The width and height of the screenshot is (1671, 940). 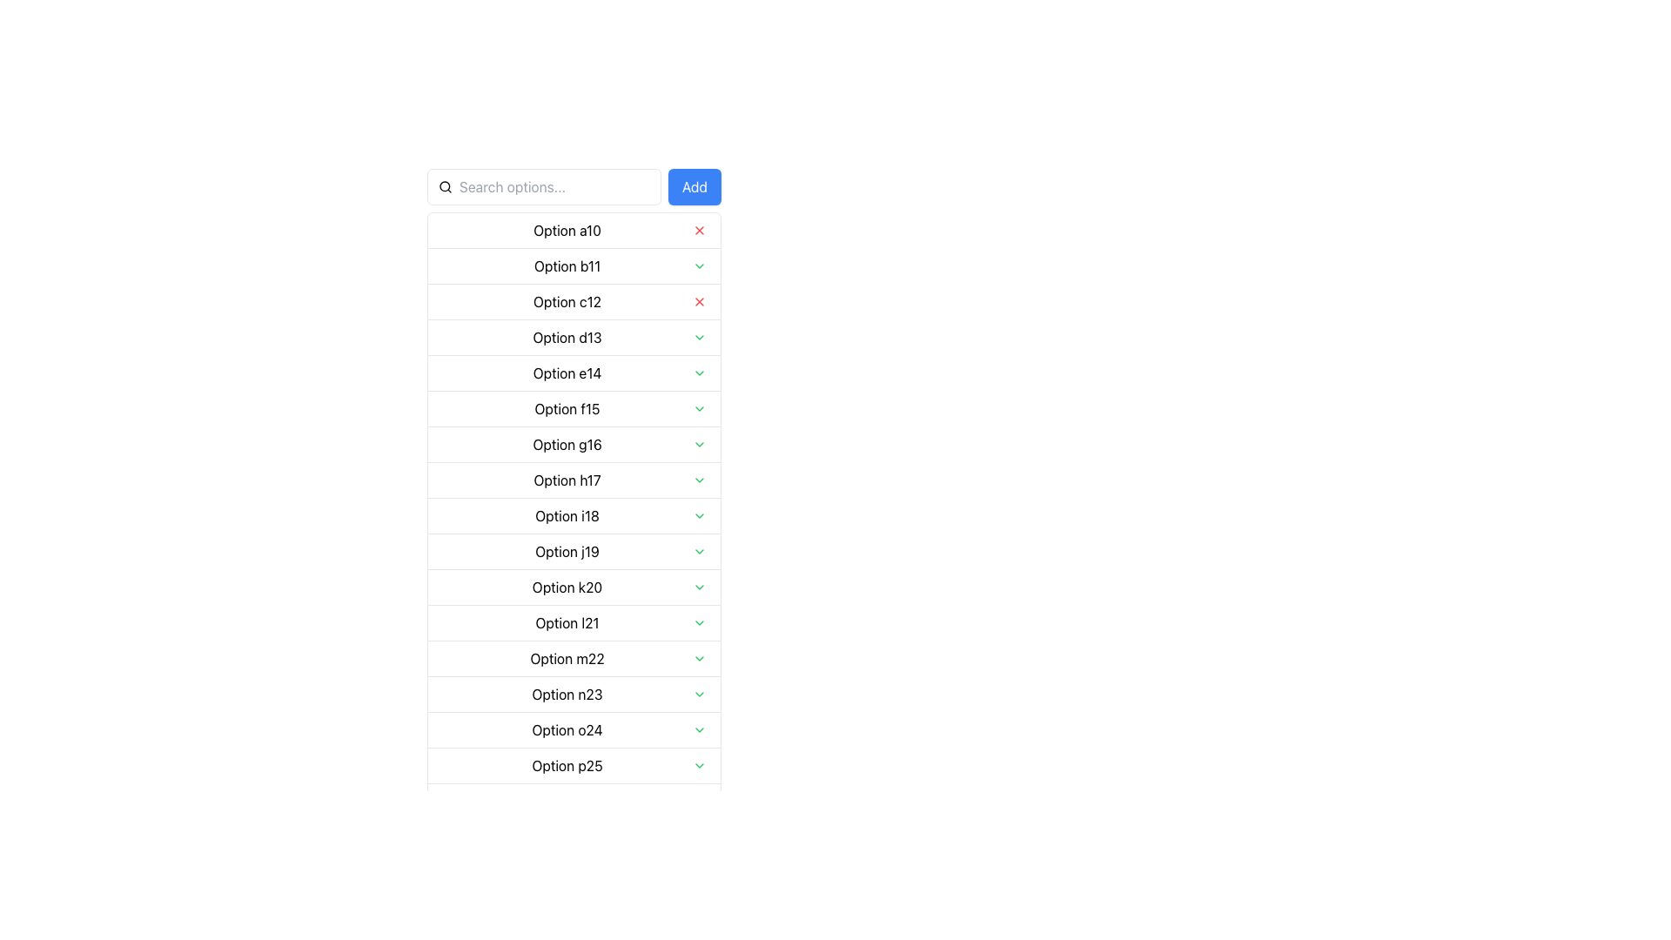 I want to click on the list option located in the middle of the dropdown by clicking on it, so click(x=567, y=551).